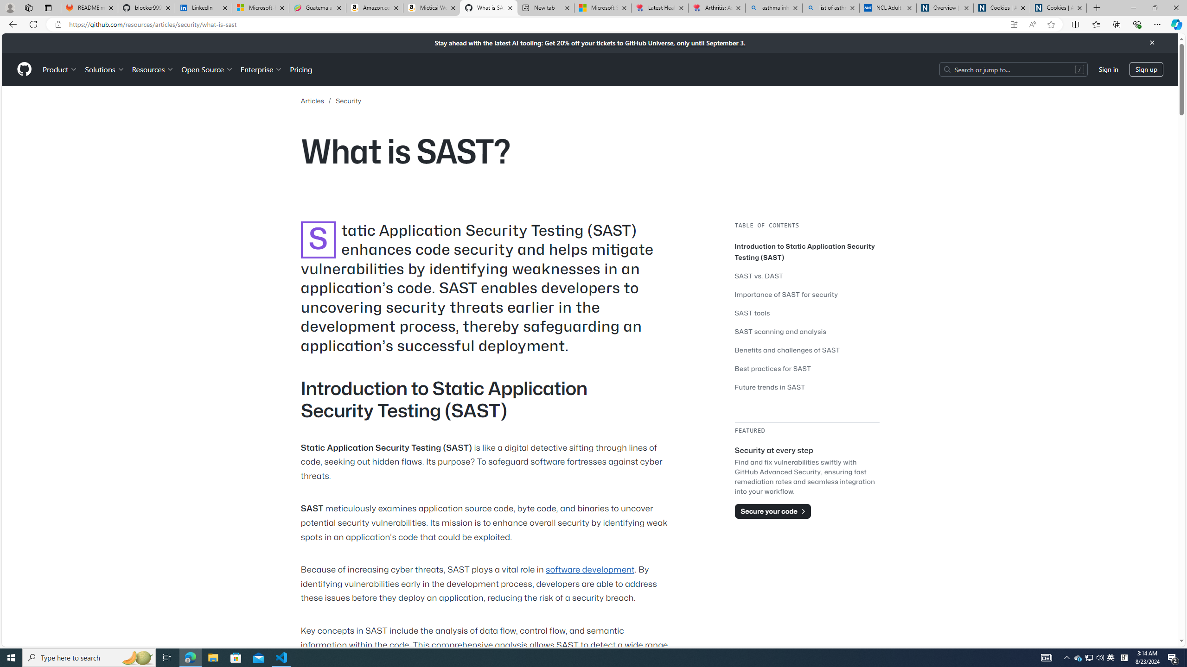 Image resolution: width=1187 pixels, height=667 pixels. What do you see at coordinates (204, 7) in the screenshot?
I see `'LinkedIn'` at bounding box center [204, 7].